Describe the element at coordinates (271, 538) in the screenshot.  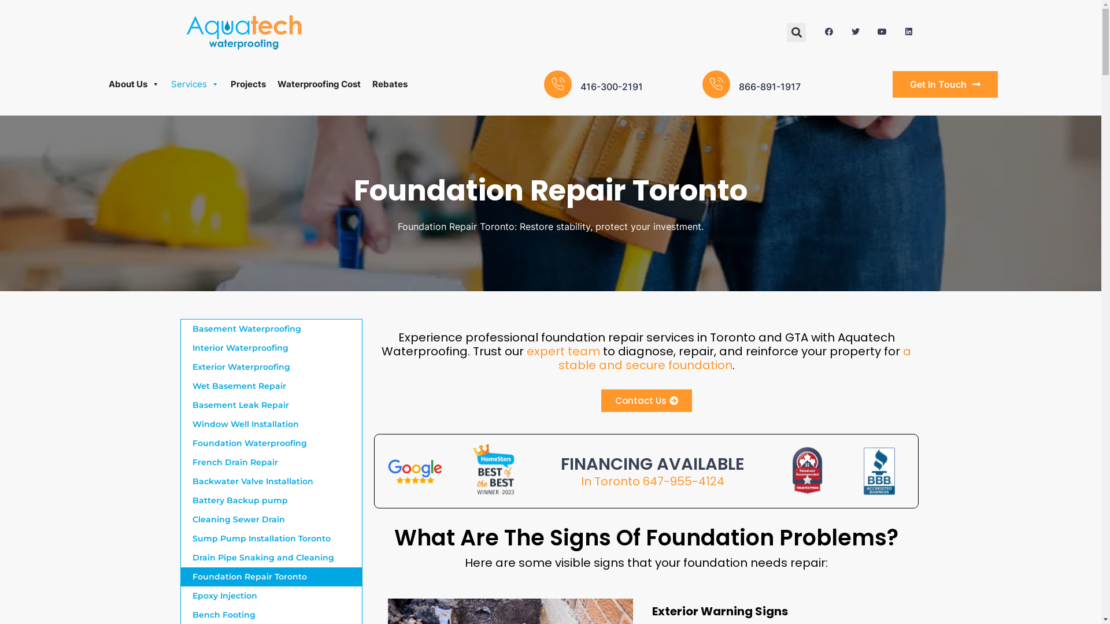
I see `'Sump Pump Installation Toronto'` at that location.